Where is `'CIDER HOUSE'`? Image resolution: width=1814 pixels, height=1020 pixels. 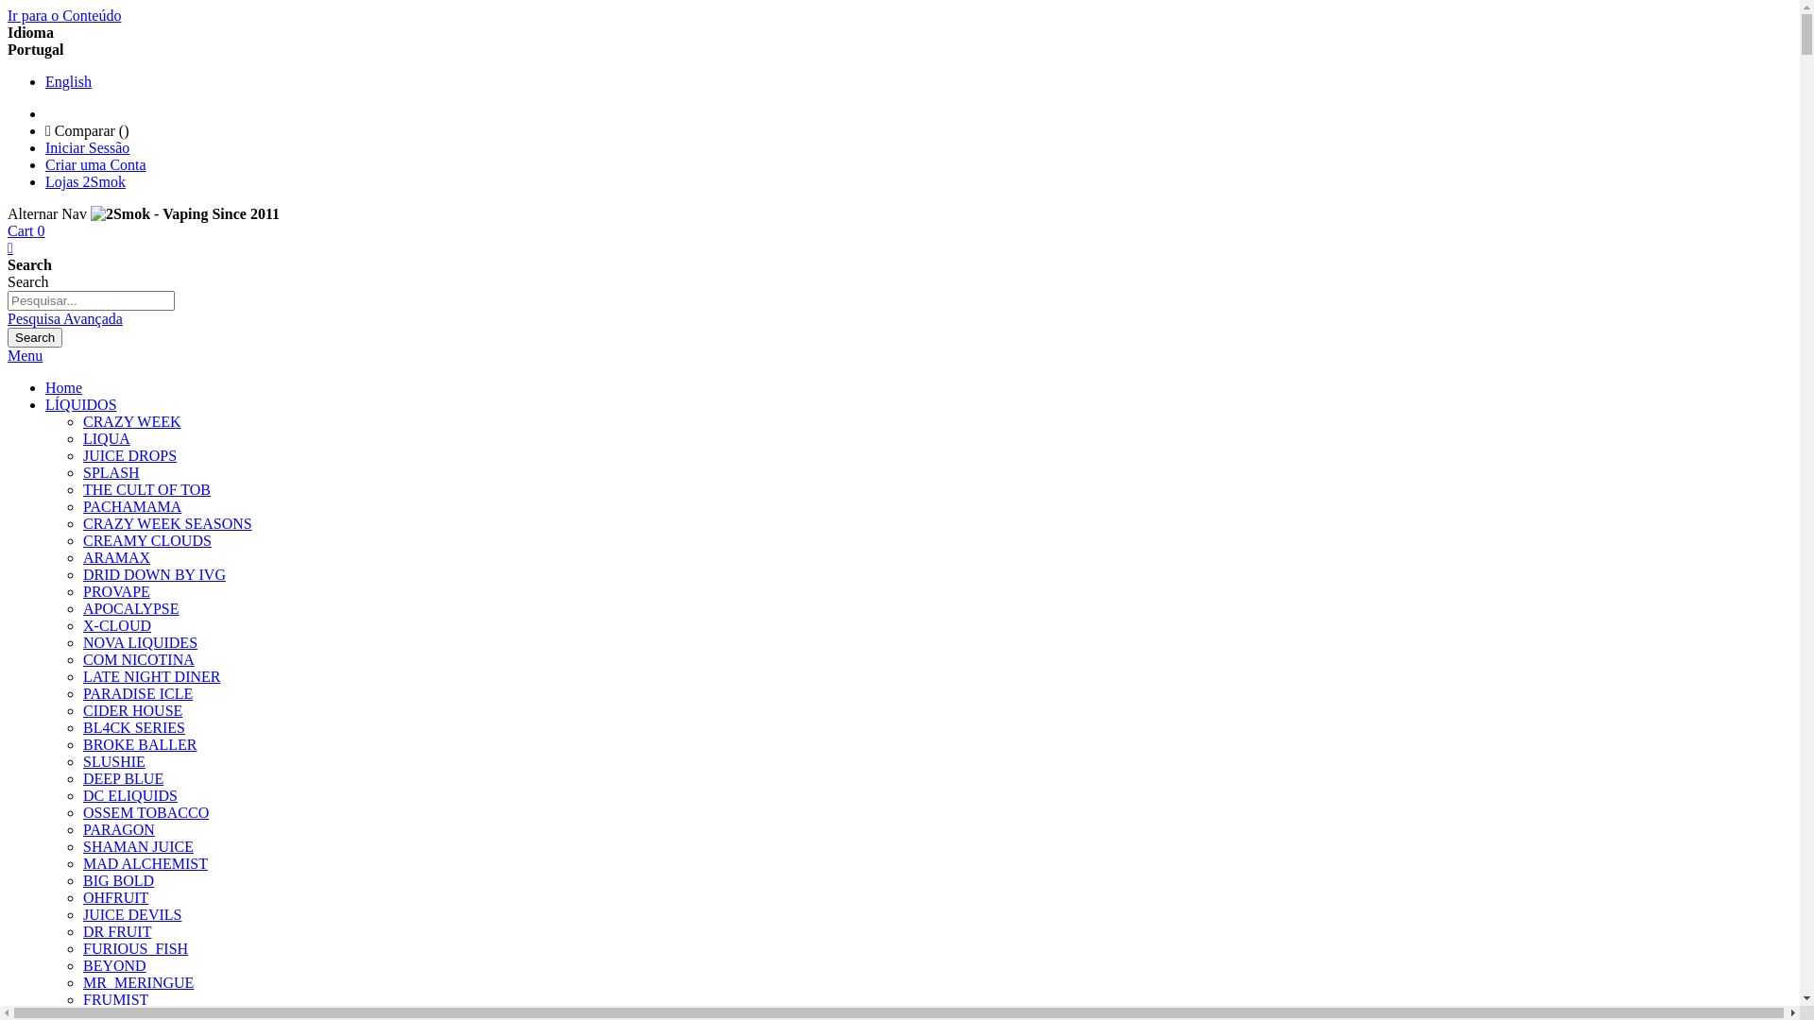
'CIDER HOUSE' is located at coordinates (131, 710).